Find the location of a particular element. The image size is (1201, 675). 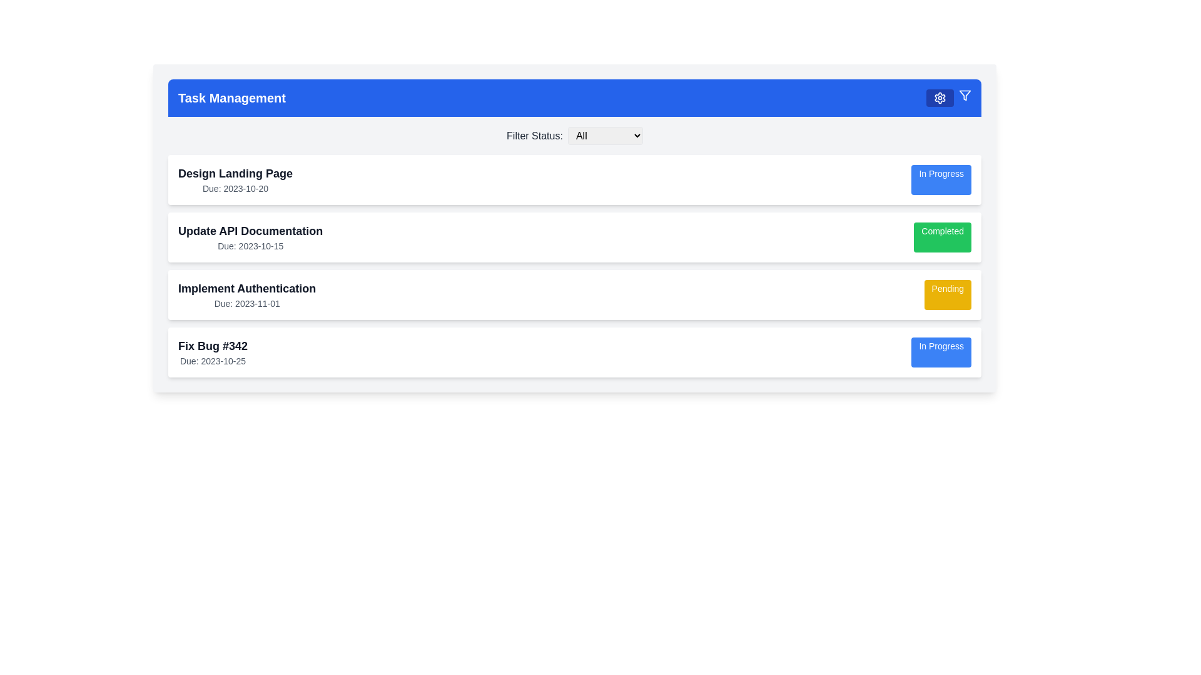

the Text label indicating 'Task Management' located at the very left end of the header section is located at coordinates (231, 97).